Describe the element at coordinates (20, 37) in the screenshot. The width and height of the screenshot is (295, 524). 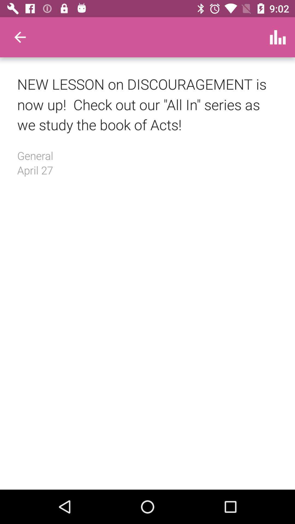
I see `icon at the top left corner` at that location.